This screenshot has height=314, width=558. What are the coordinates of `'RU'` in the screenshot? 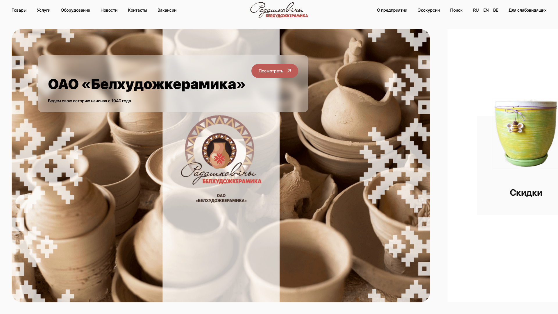 It's located at (476, 10).